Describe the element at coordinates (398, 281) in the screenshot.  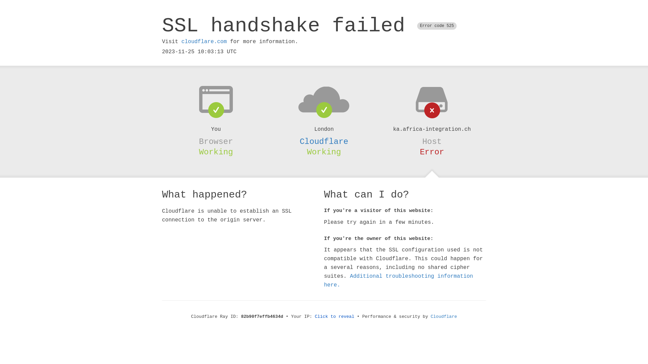
I see `'Additional troubleshooting information here.'` at that location.